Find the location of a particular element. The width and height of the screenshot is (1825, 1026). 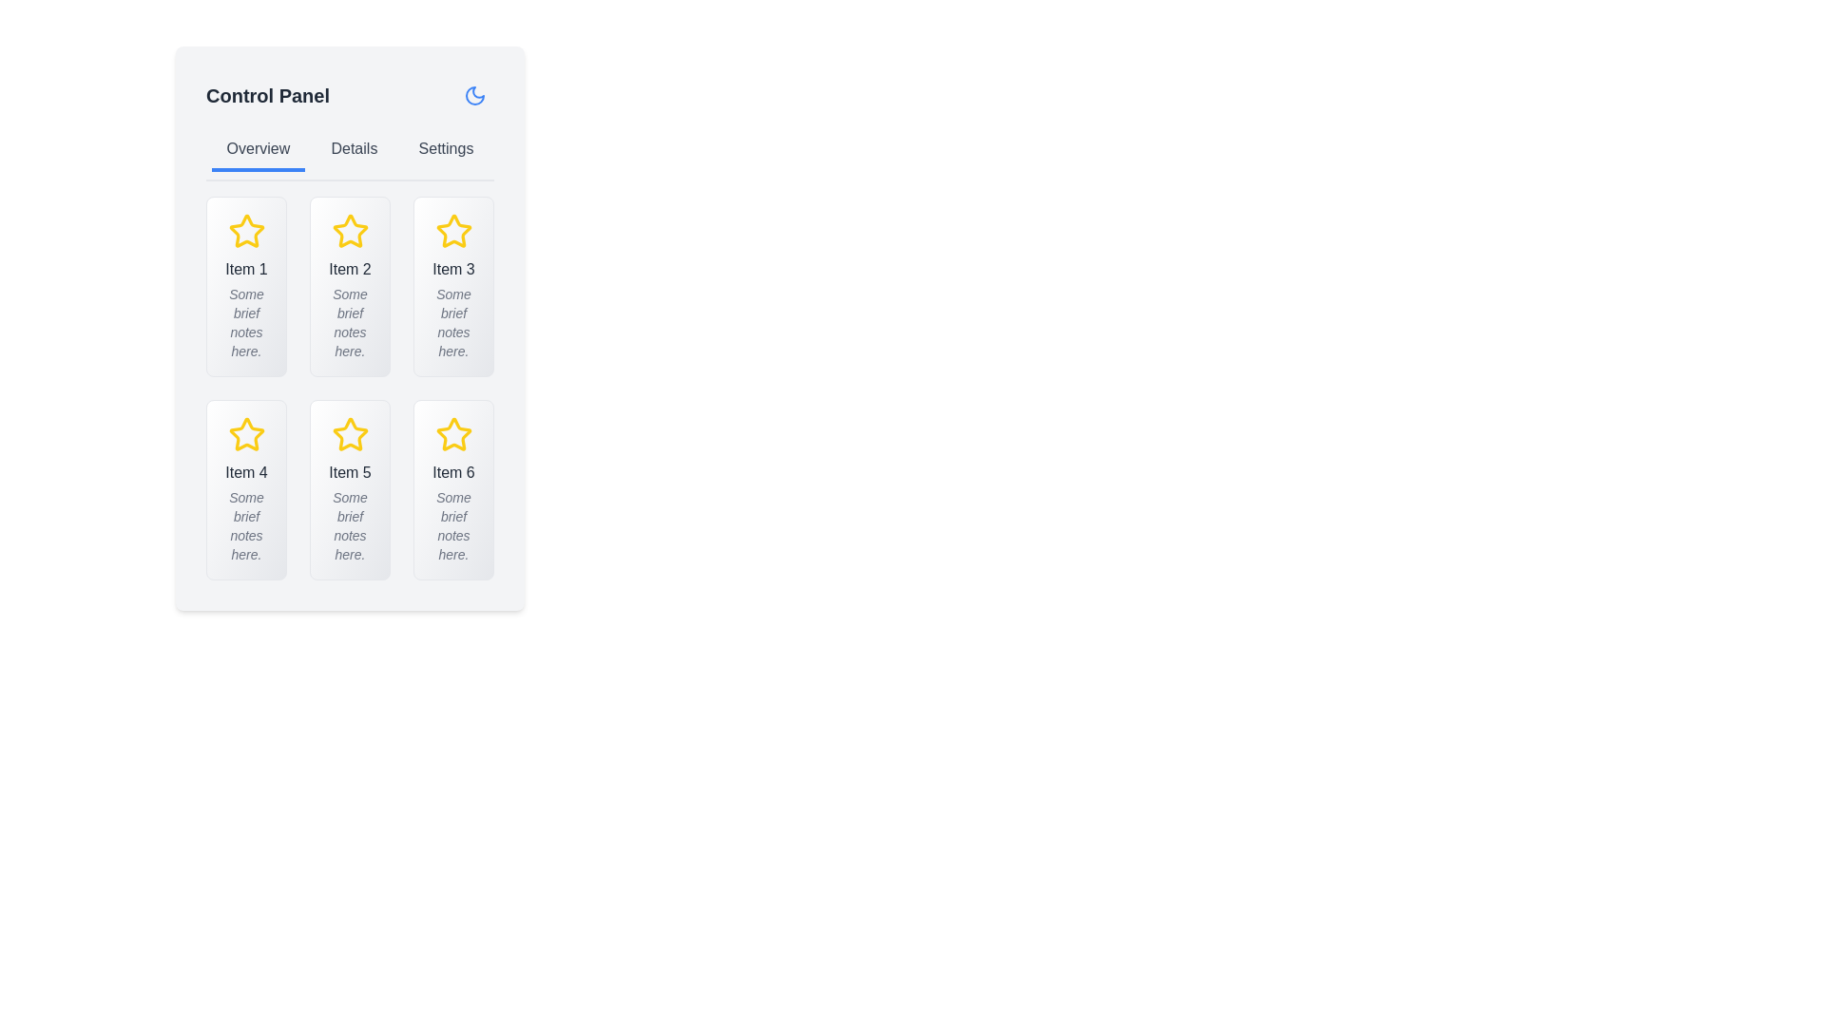

the card that displays an item with its title and brief description, located in the second column of the second row of the grid is located at coordinates (350, 489).